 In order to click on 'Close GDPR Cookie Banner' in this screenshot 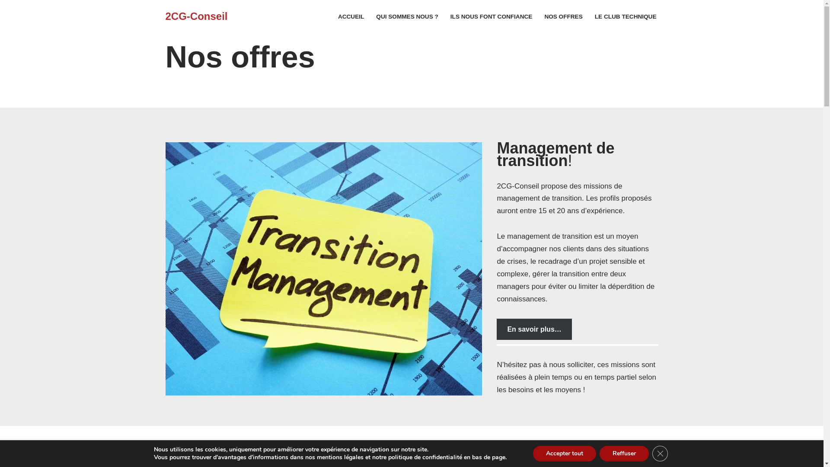, I will do `click(659, 453)`.